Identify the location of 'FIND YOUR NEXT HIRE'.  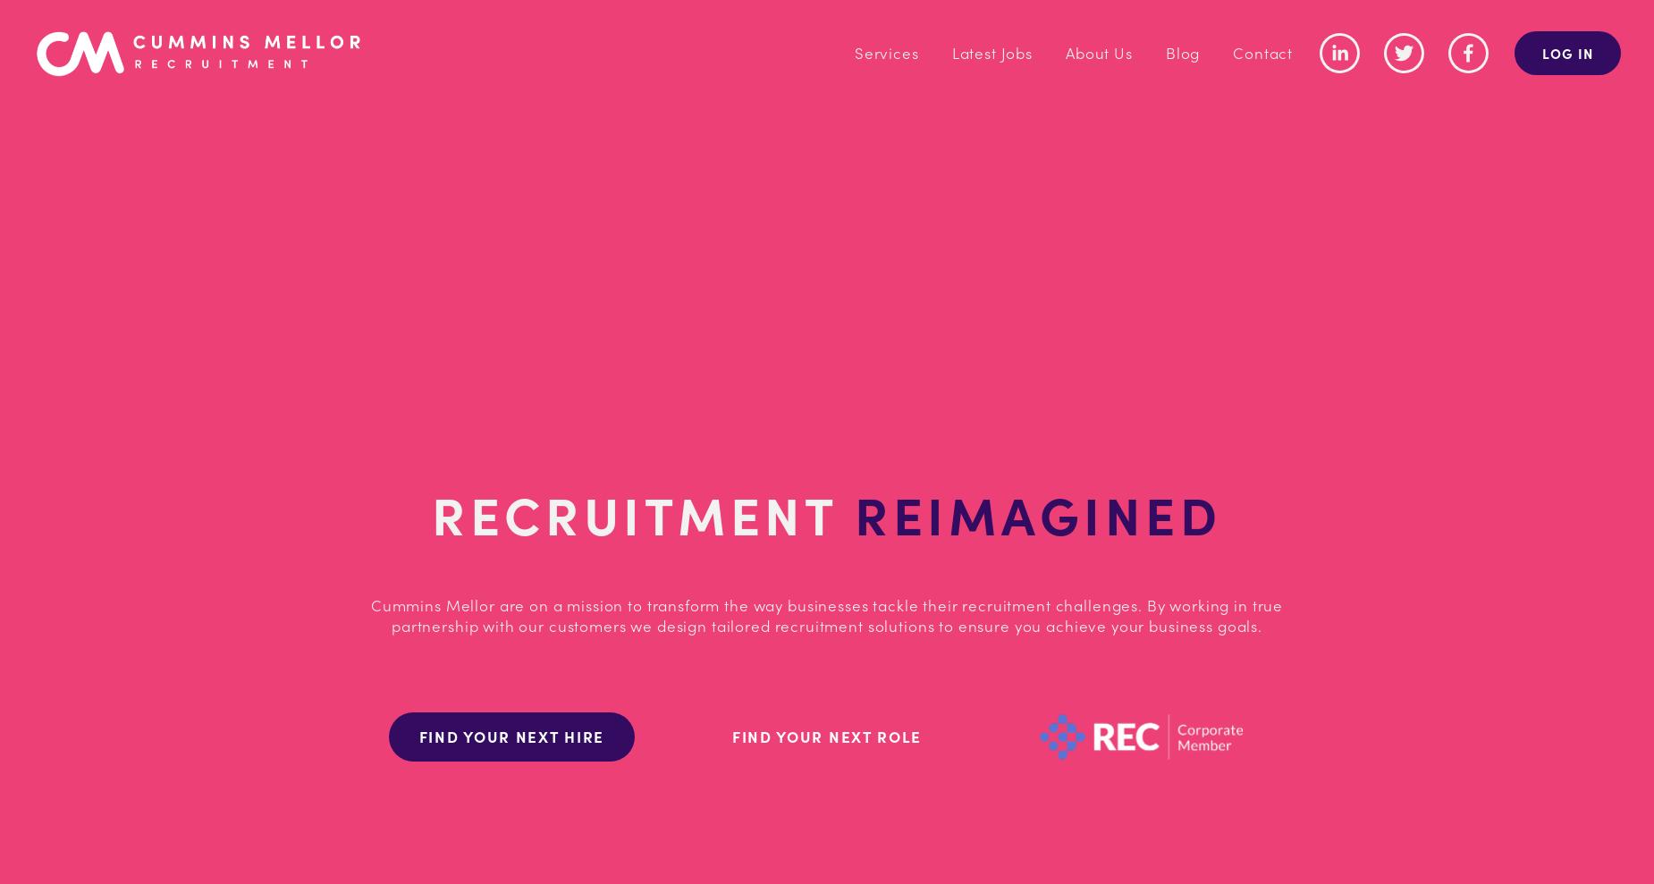
(511, 736).